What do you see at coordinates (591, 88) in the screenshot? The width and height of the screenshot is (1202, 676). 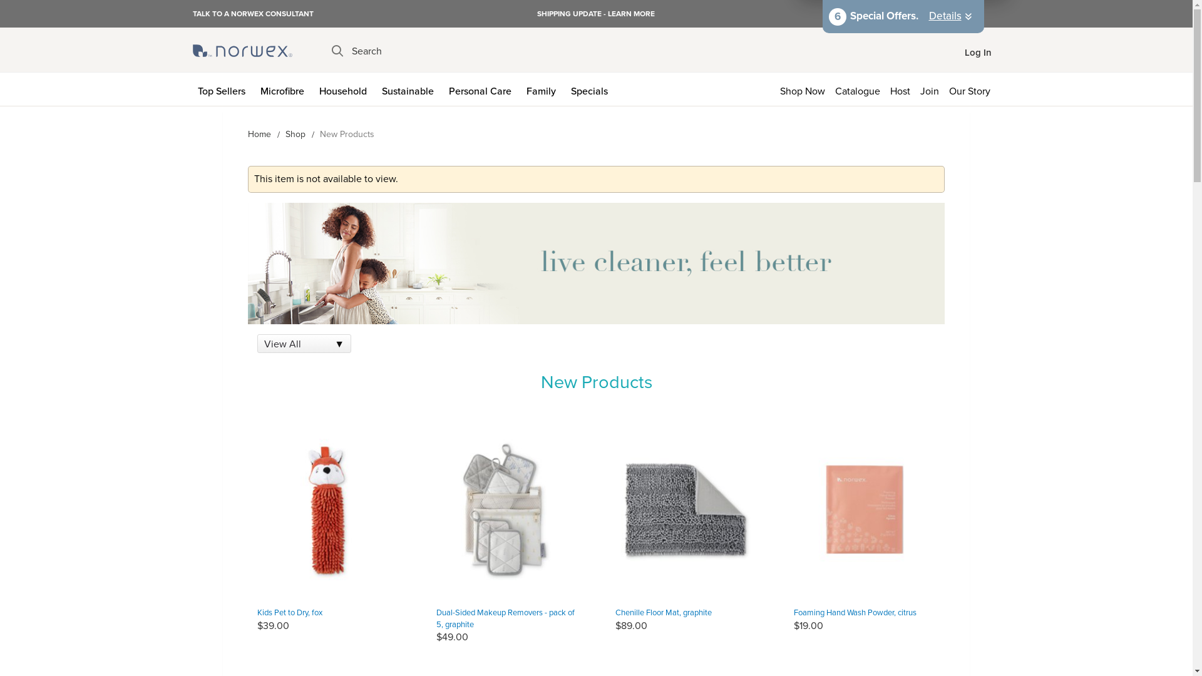 I see `'Specials'` at bounding box center [591, 88].